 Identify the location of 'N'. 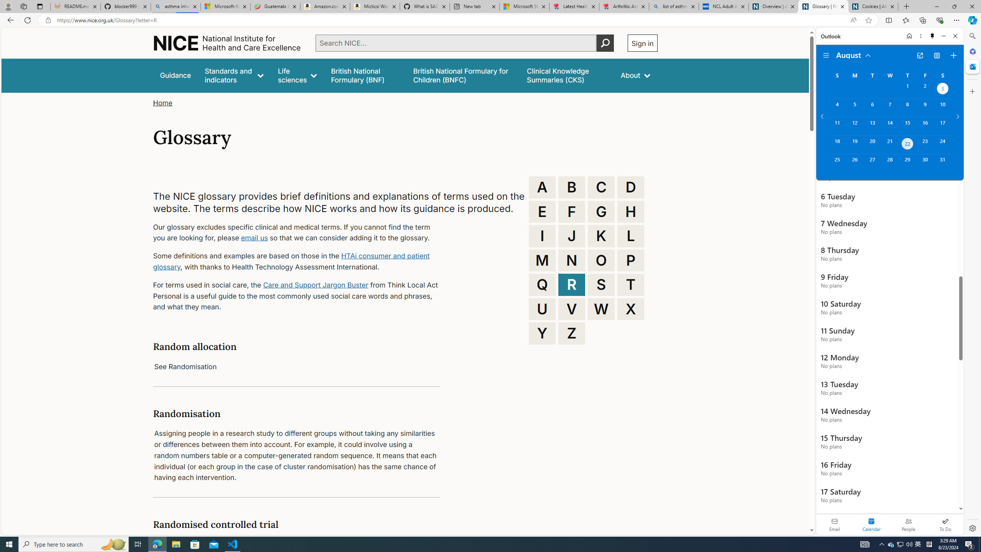
(571, 260).